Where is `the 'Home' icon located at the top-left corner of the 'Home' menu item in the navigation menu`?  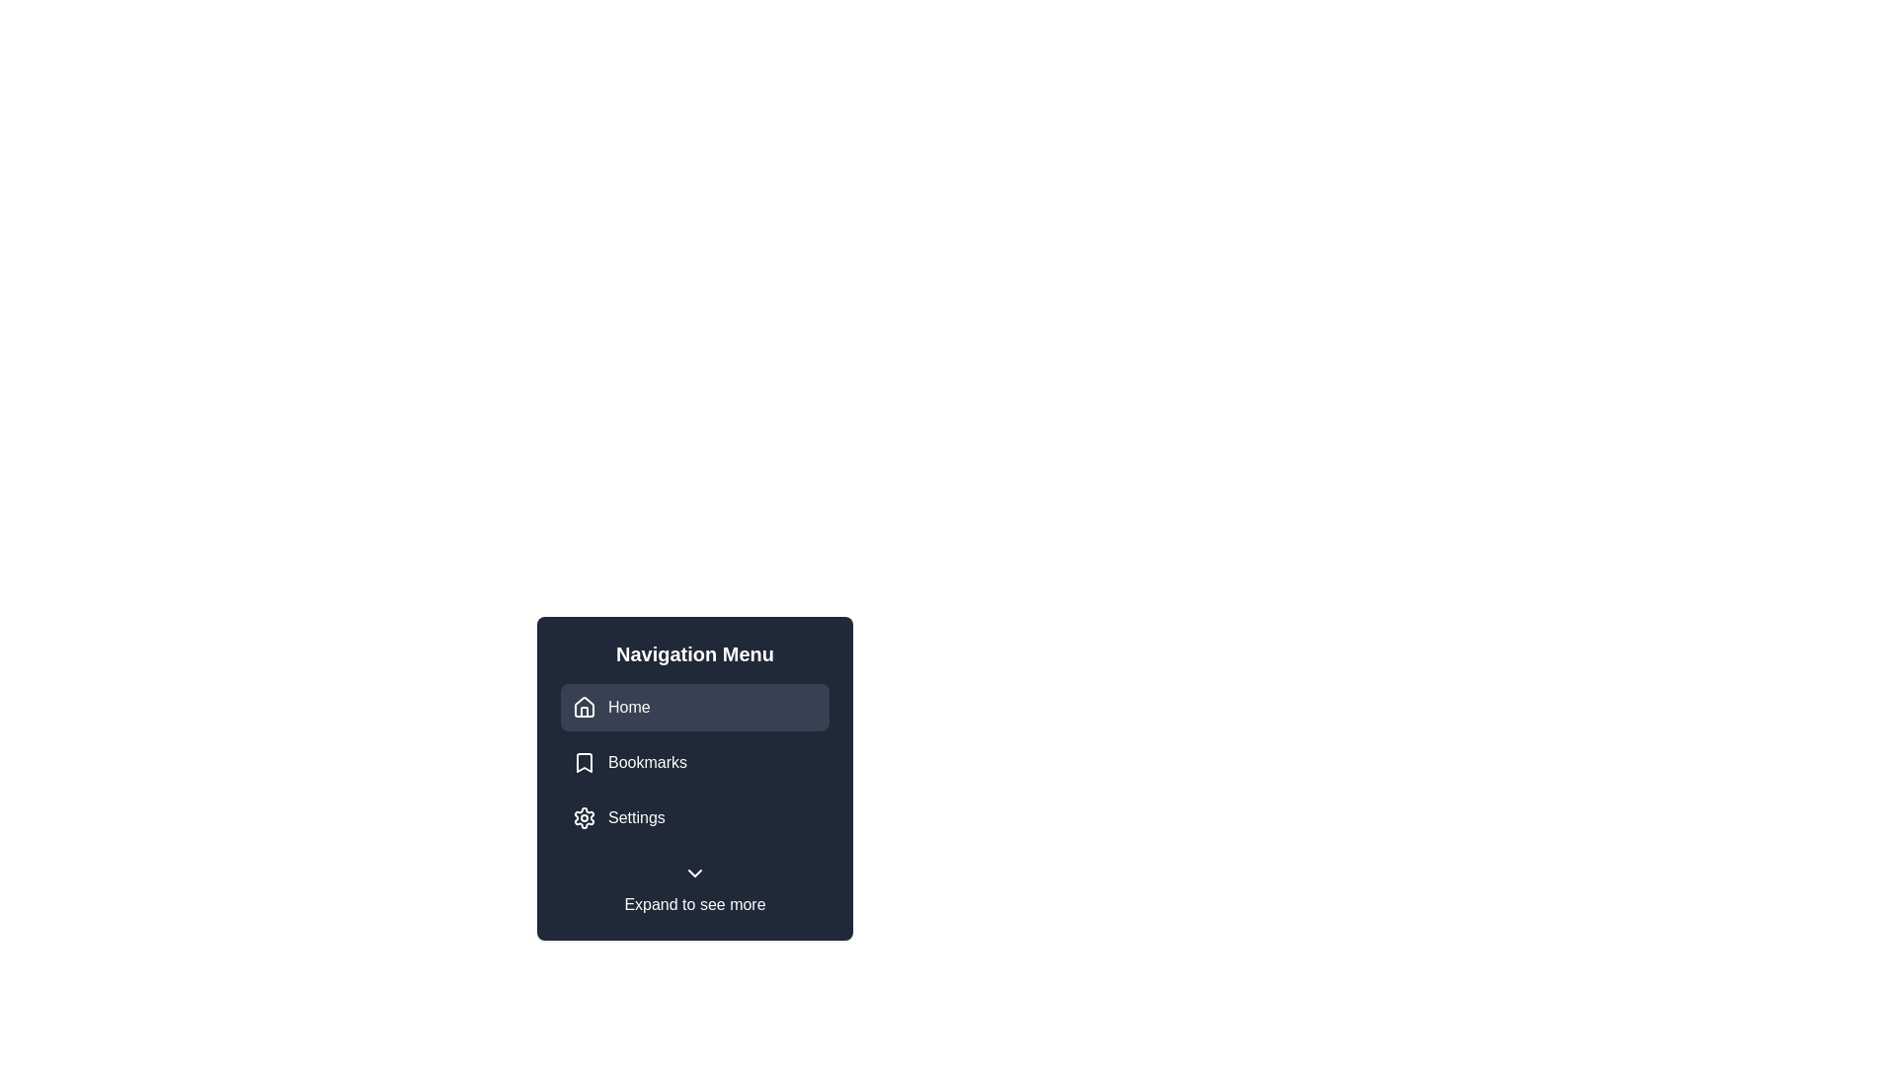 the 'Home' icon located at the top-left corner of the 'Home' menu item in the navigation menu is located at coordinates (583, 707).